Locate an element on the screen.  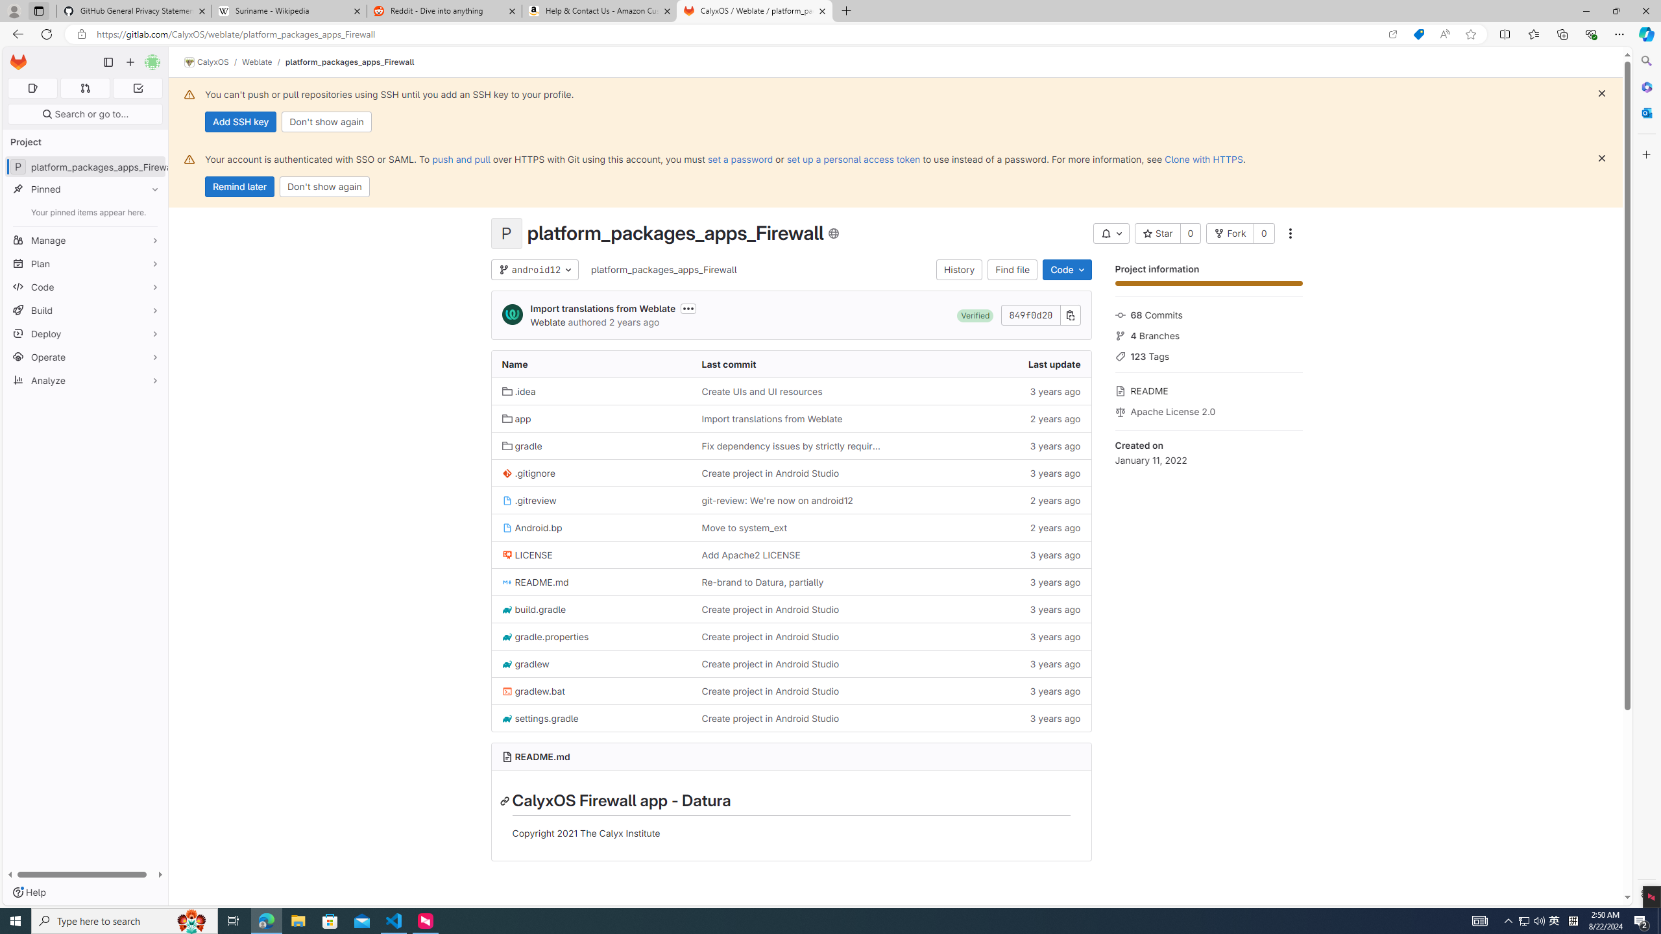
'Create UIs and UI resources' is located at coordinates (761, 390).